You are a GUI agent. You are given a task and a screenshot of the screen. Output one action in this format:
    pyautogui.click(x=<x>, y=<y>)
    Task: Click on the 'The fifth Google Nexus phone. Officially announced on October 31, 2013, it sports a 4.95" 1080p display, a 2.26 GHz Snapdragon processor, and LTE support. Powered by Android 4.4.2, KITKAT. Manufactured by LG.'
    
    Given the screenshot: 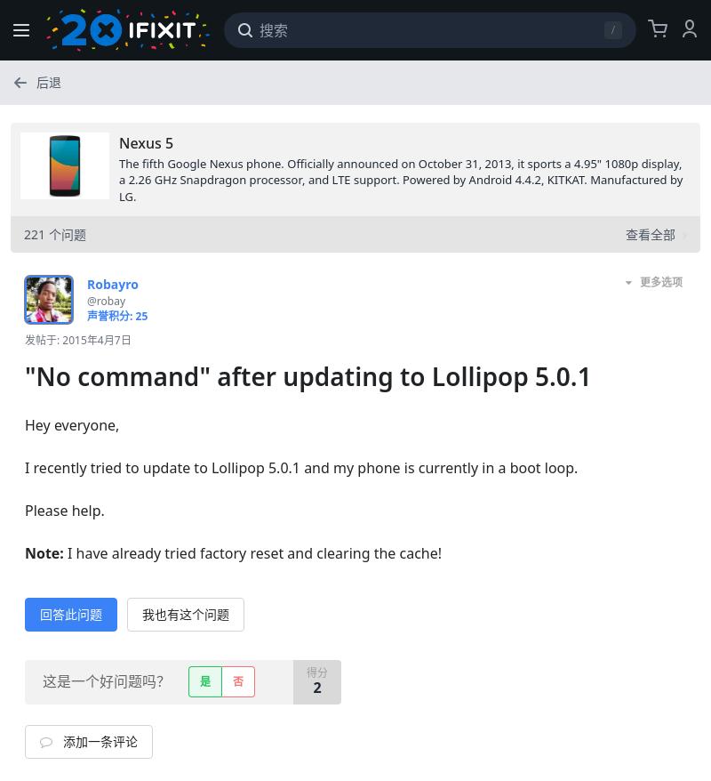 What is the action you would take?
    pyautogui.click(x=399, y=178)
    